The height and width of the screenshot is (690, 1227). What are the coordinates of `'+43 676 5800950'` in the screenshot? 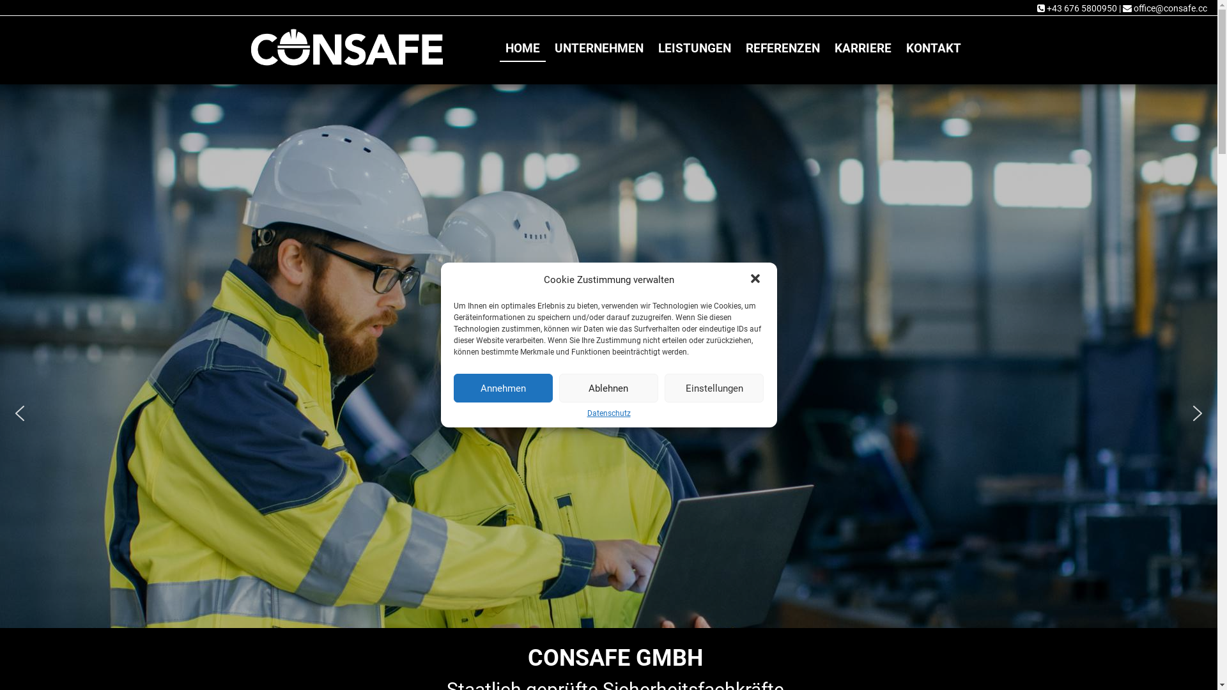 It's located at (1037, 8).